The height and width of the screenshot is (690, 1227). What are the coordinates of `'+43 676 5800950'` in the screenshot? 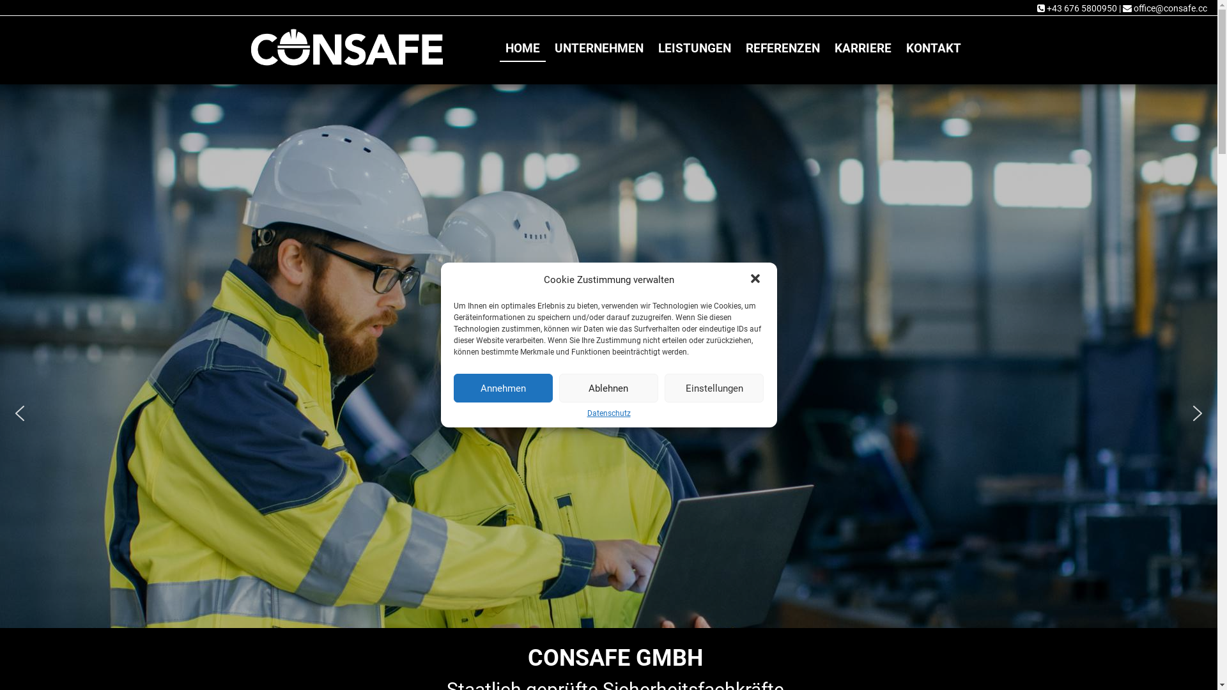 It's located at (1037, 8).